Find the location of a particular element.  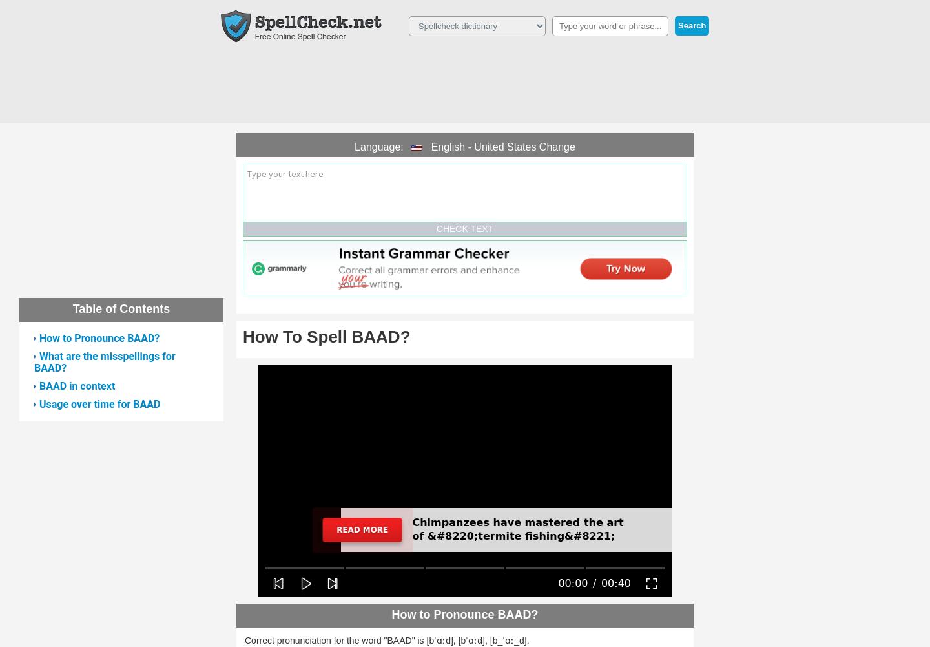

'/' is located at coordinates (594, 583).